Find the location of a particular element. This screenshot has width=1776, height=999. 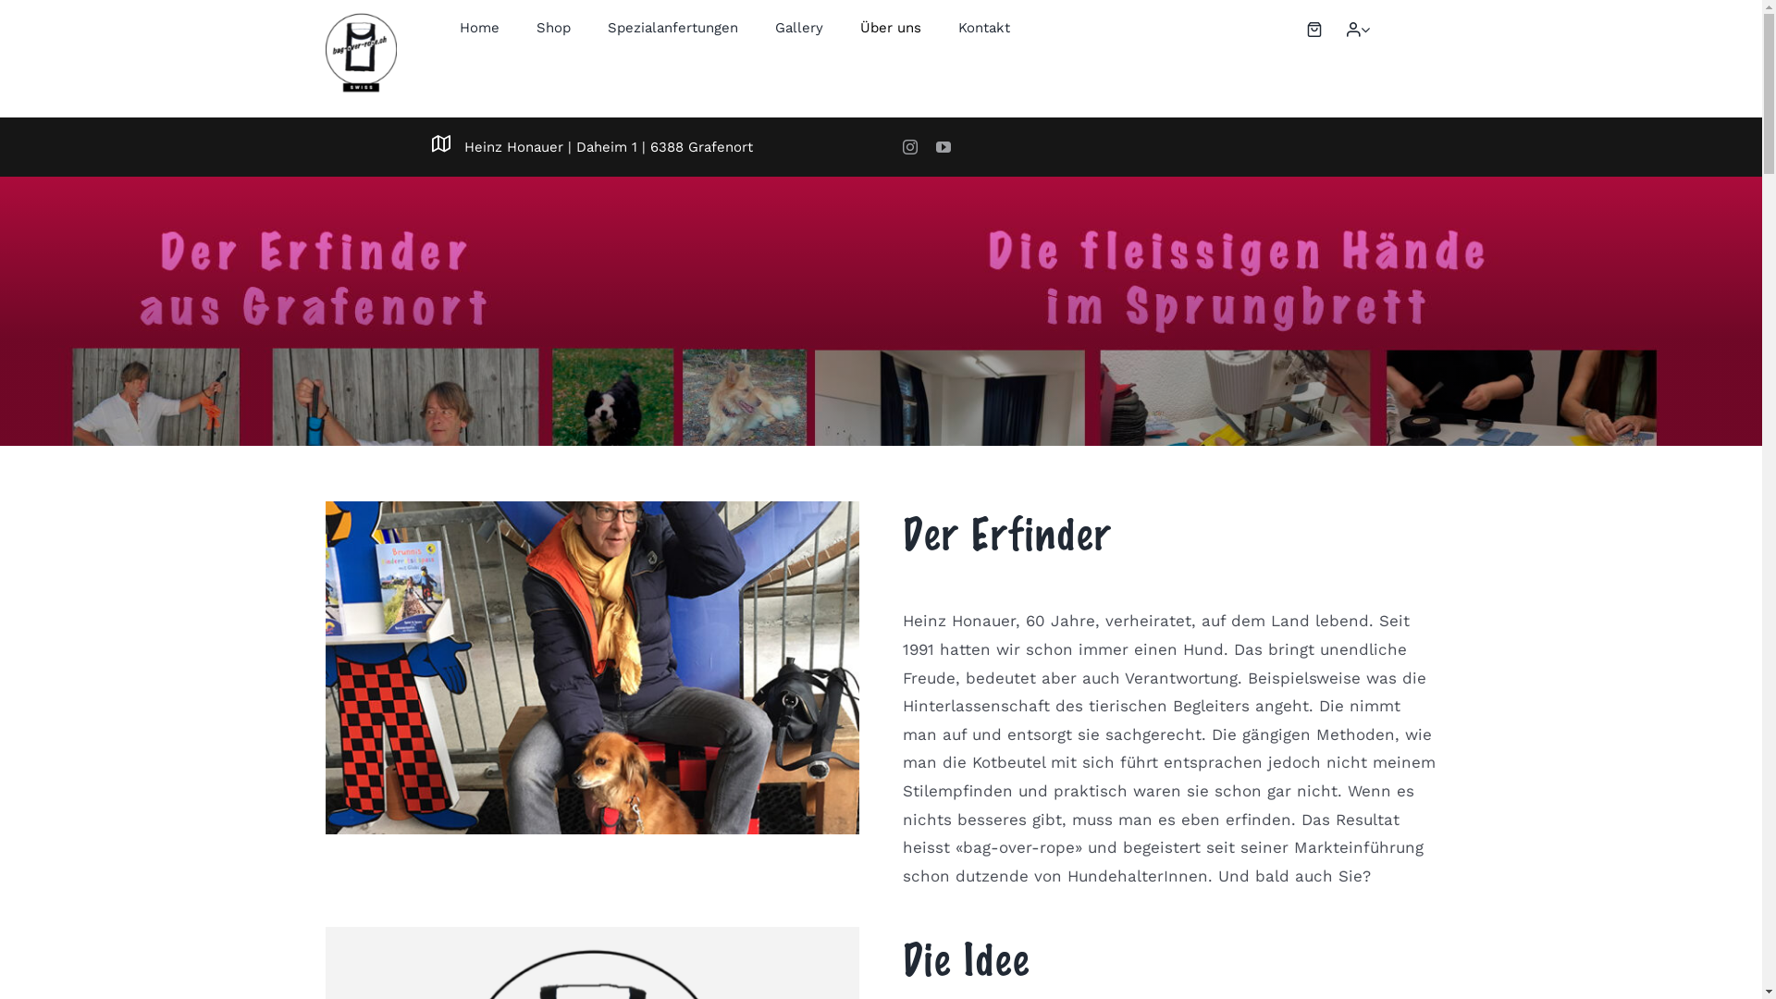

'Kontakt' is located at coordinates (983, 28).